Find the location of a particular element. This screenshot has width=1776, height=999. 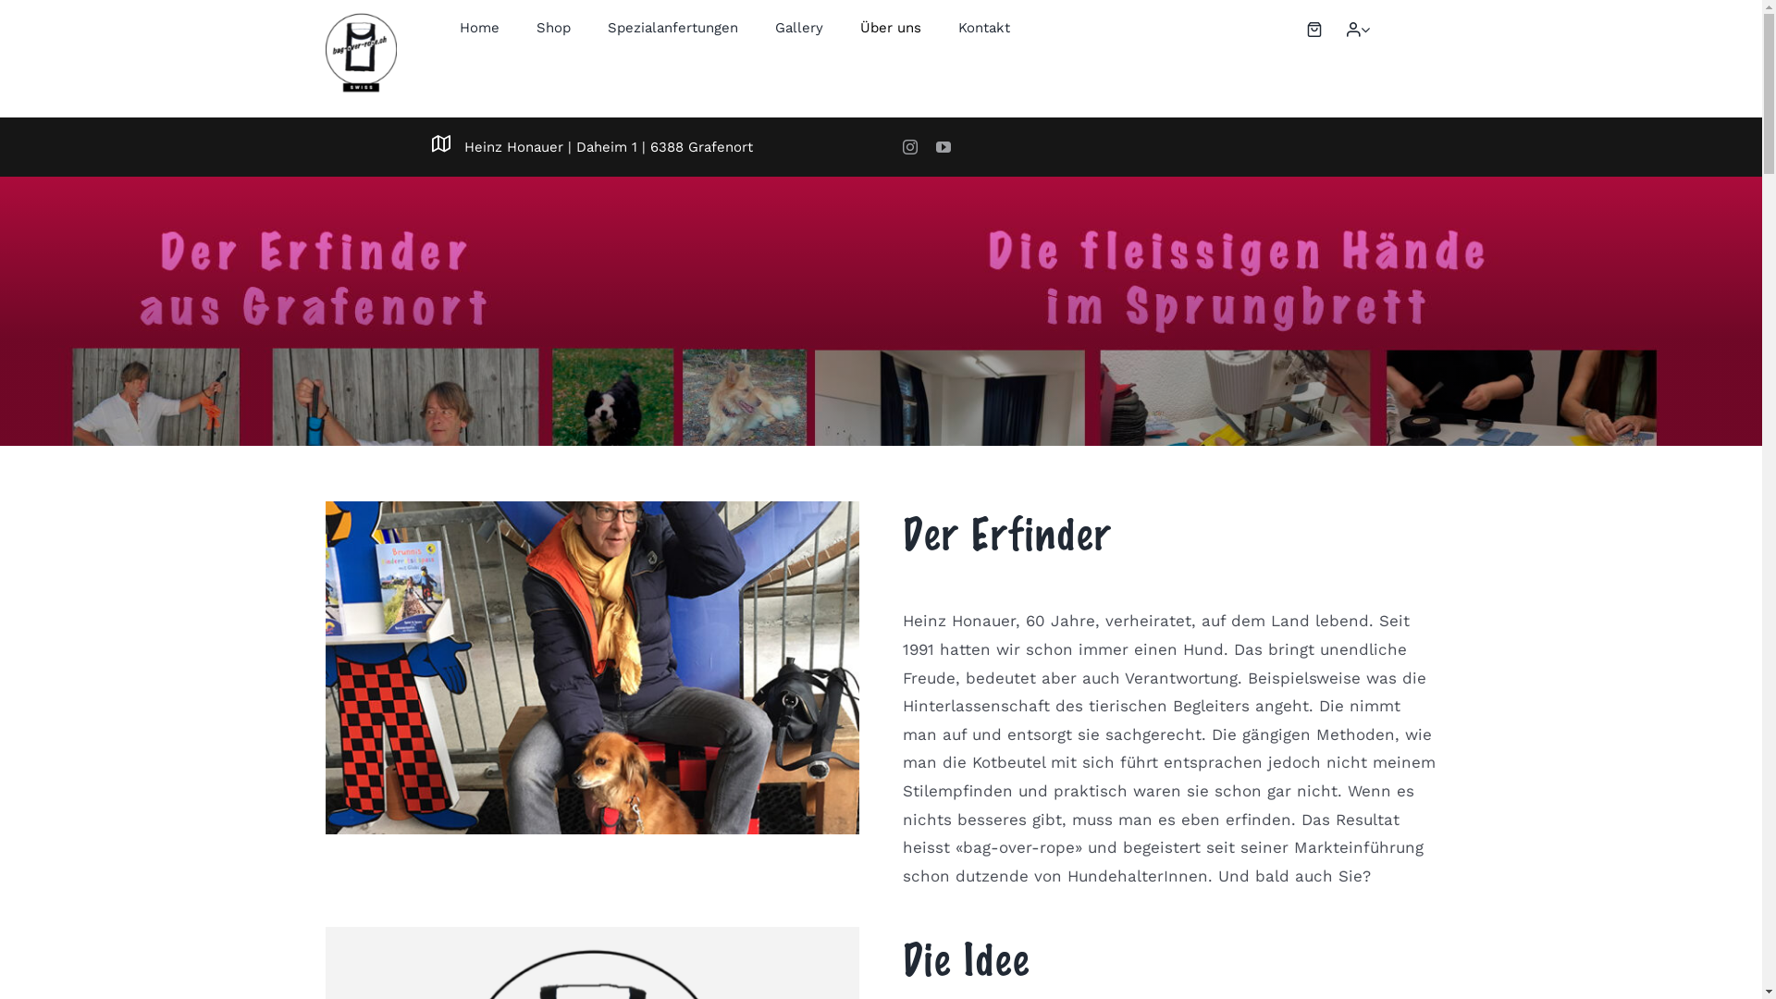

'Kontakt' is located at coordinates (983, 28).